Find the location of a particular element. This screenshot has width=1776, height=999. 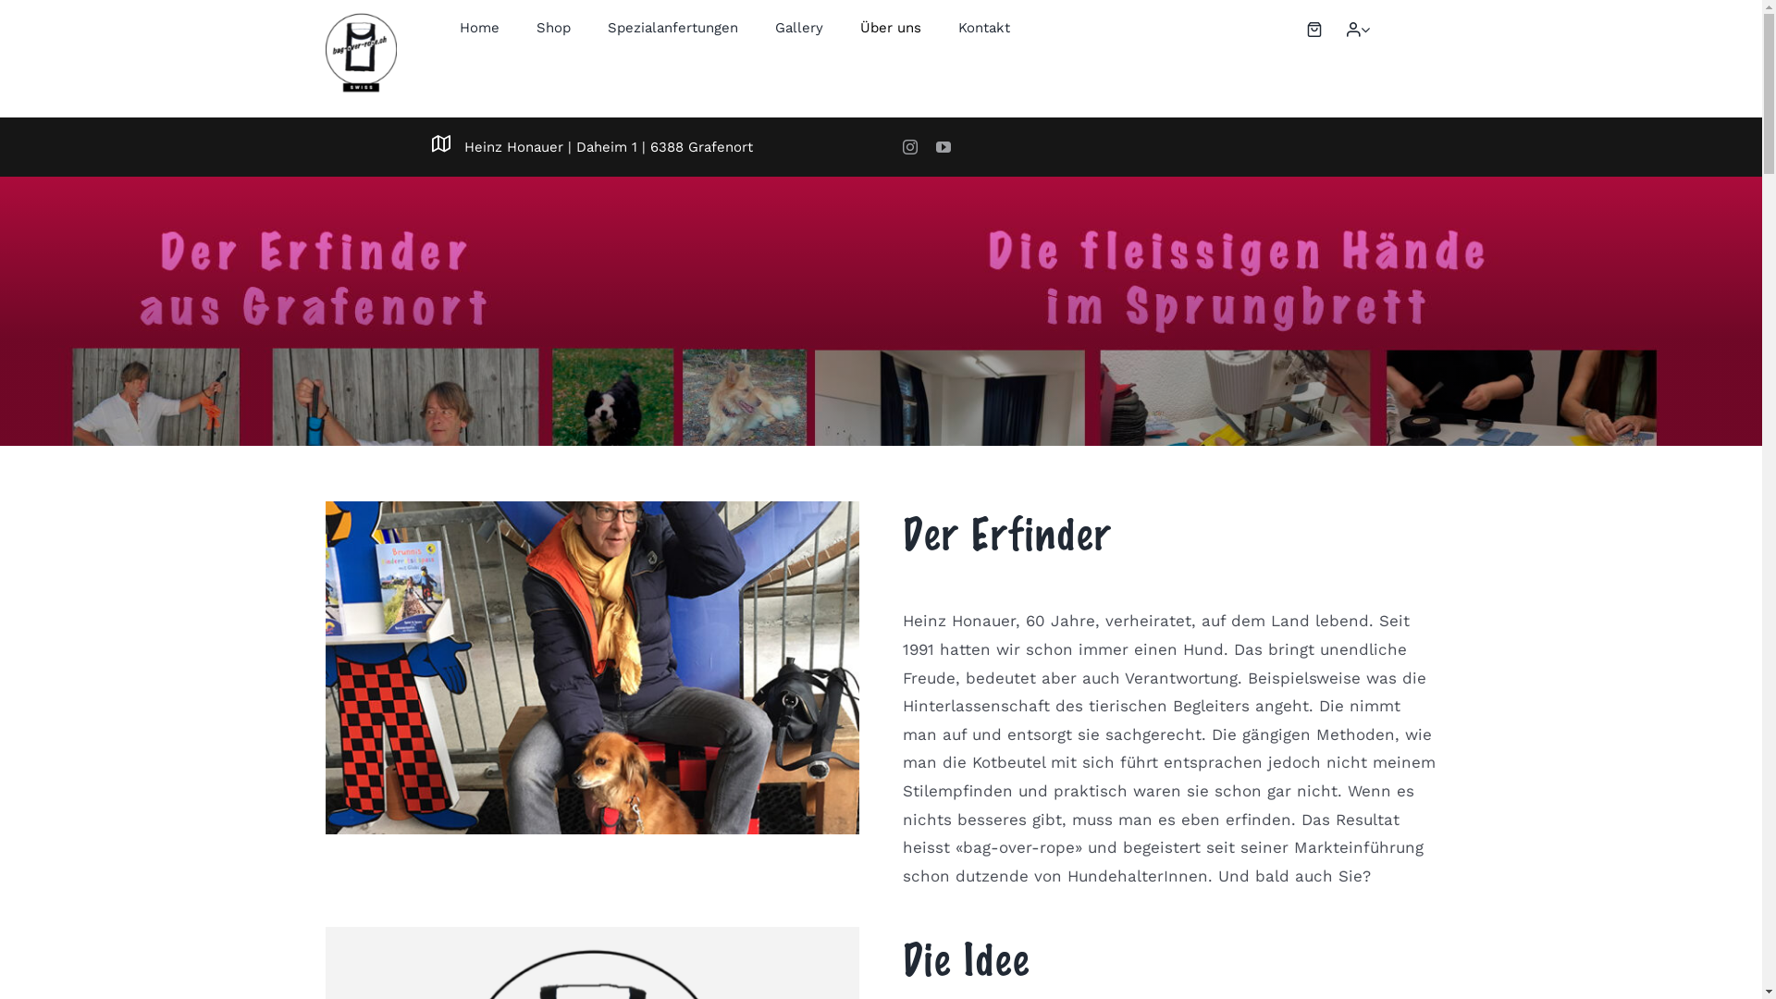

'Kontakt' is located at coordinates (983, 28).